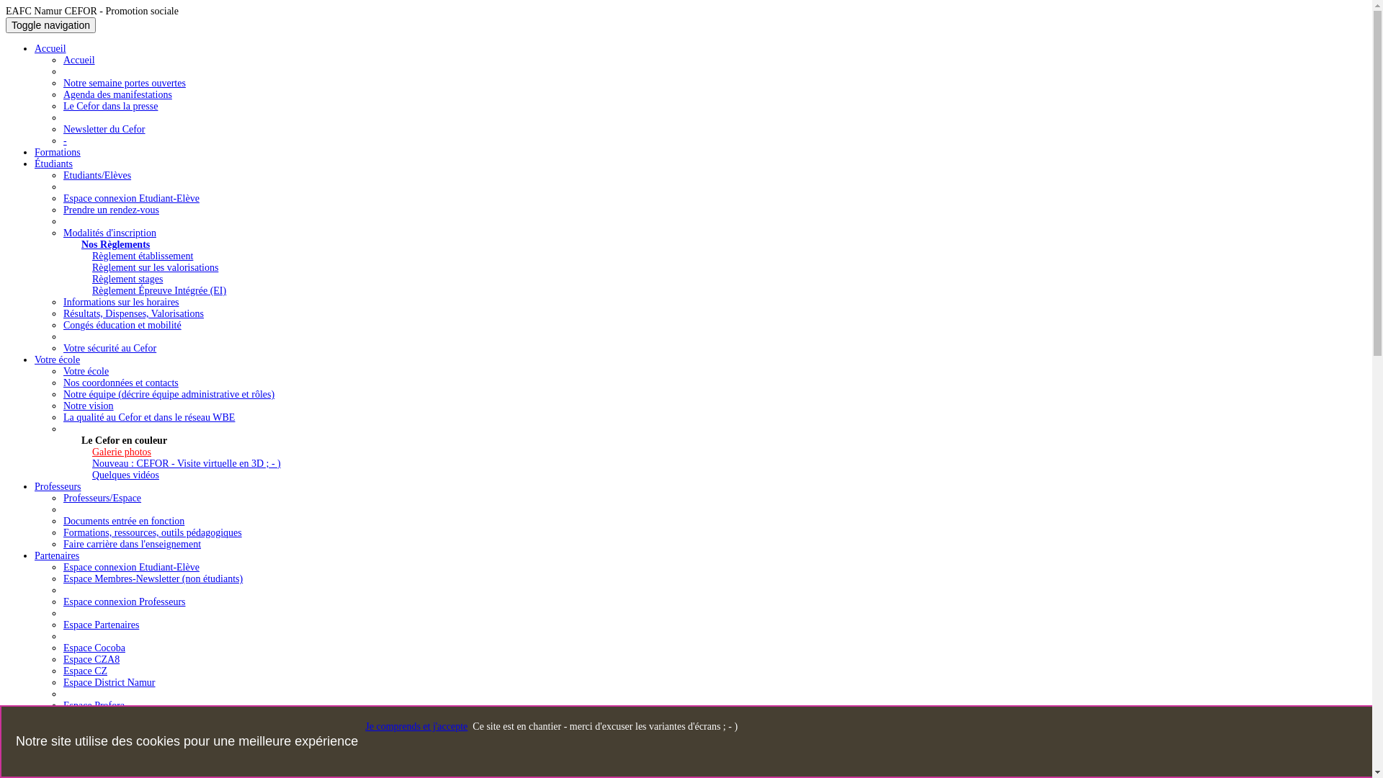 This screenshot has width=1383, height=778. Describe the element at coordinates (121, 451) in the screenshot. I see `'Galerie photos'` at that location.